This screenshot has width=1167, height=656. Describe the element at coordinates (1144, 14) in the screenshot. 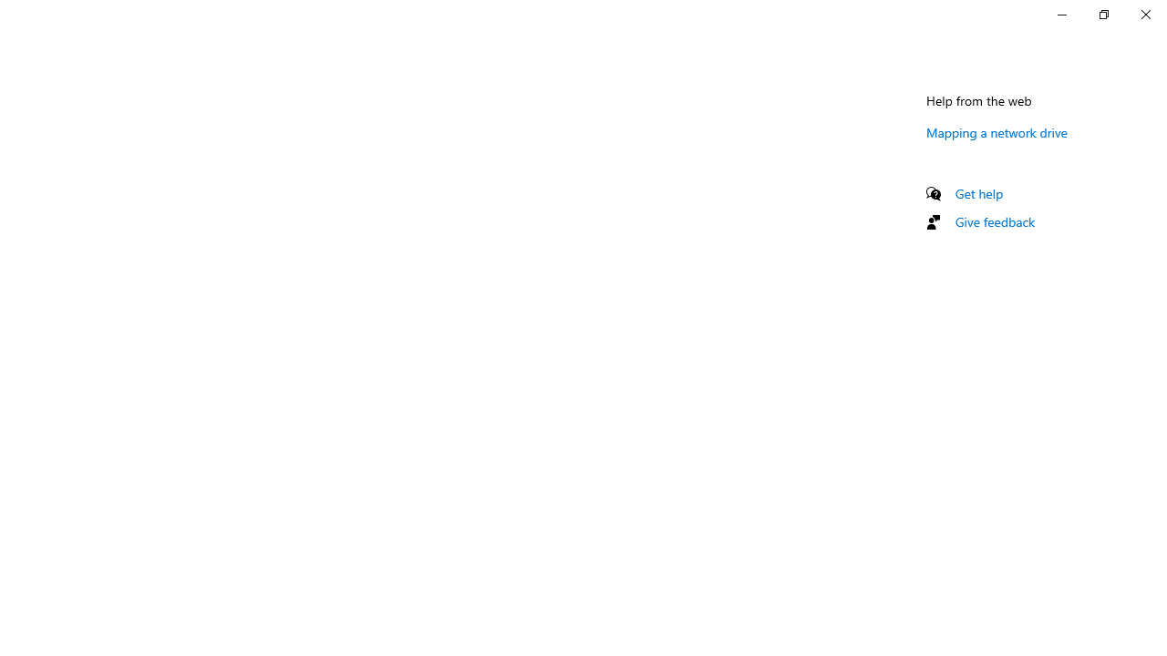

I see `'Close Settings'` at that location.